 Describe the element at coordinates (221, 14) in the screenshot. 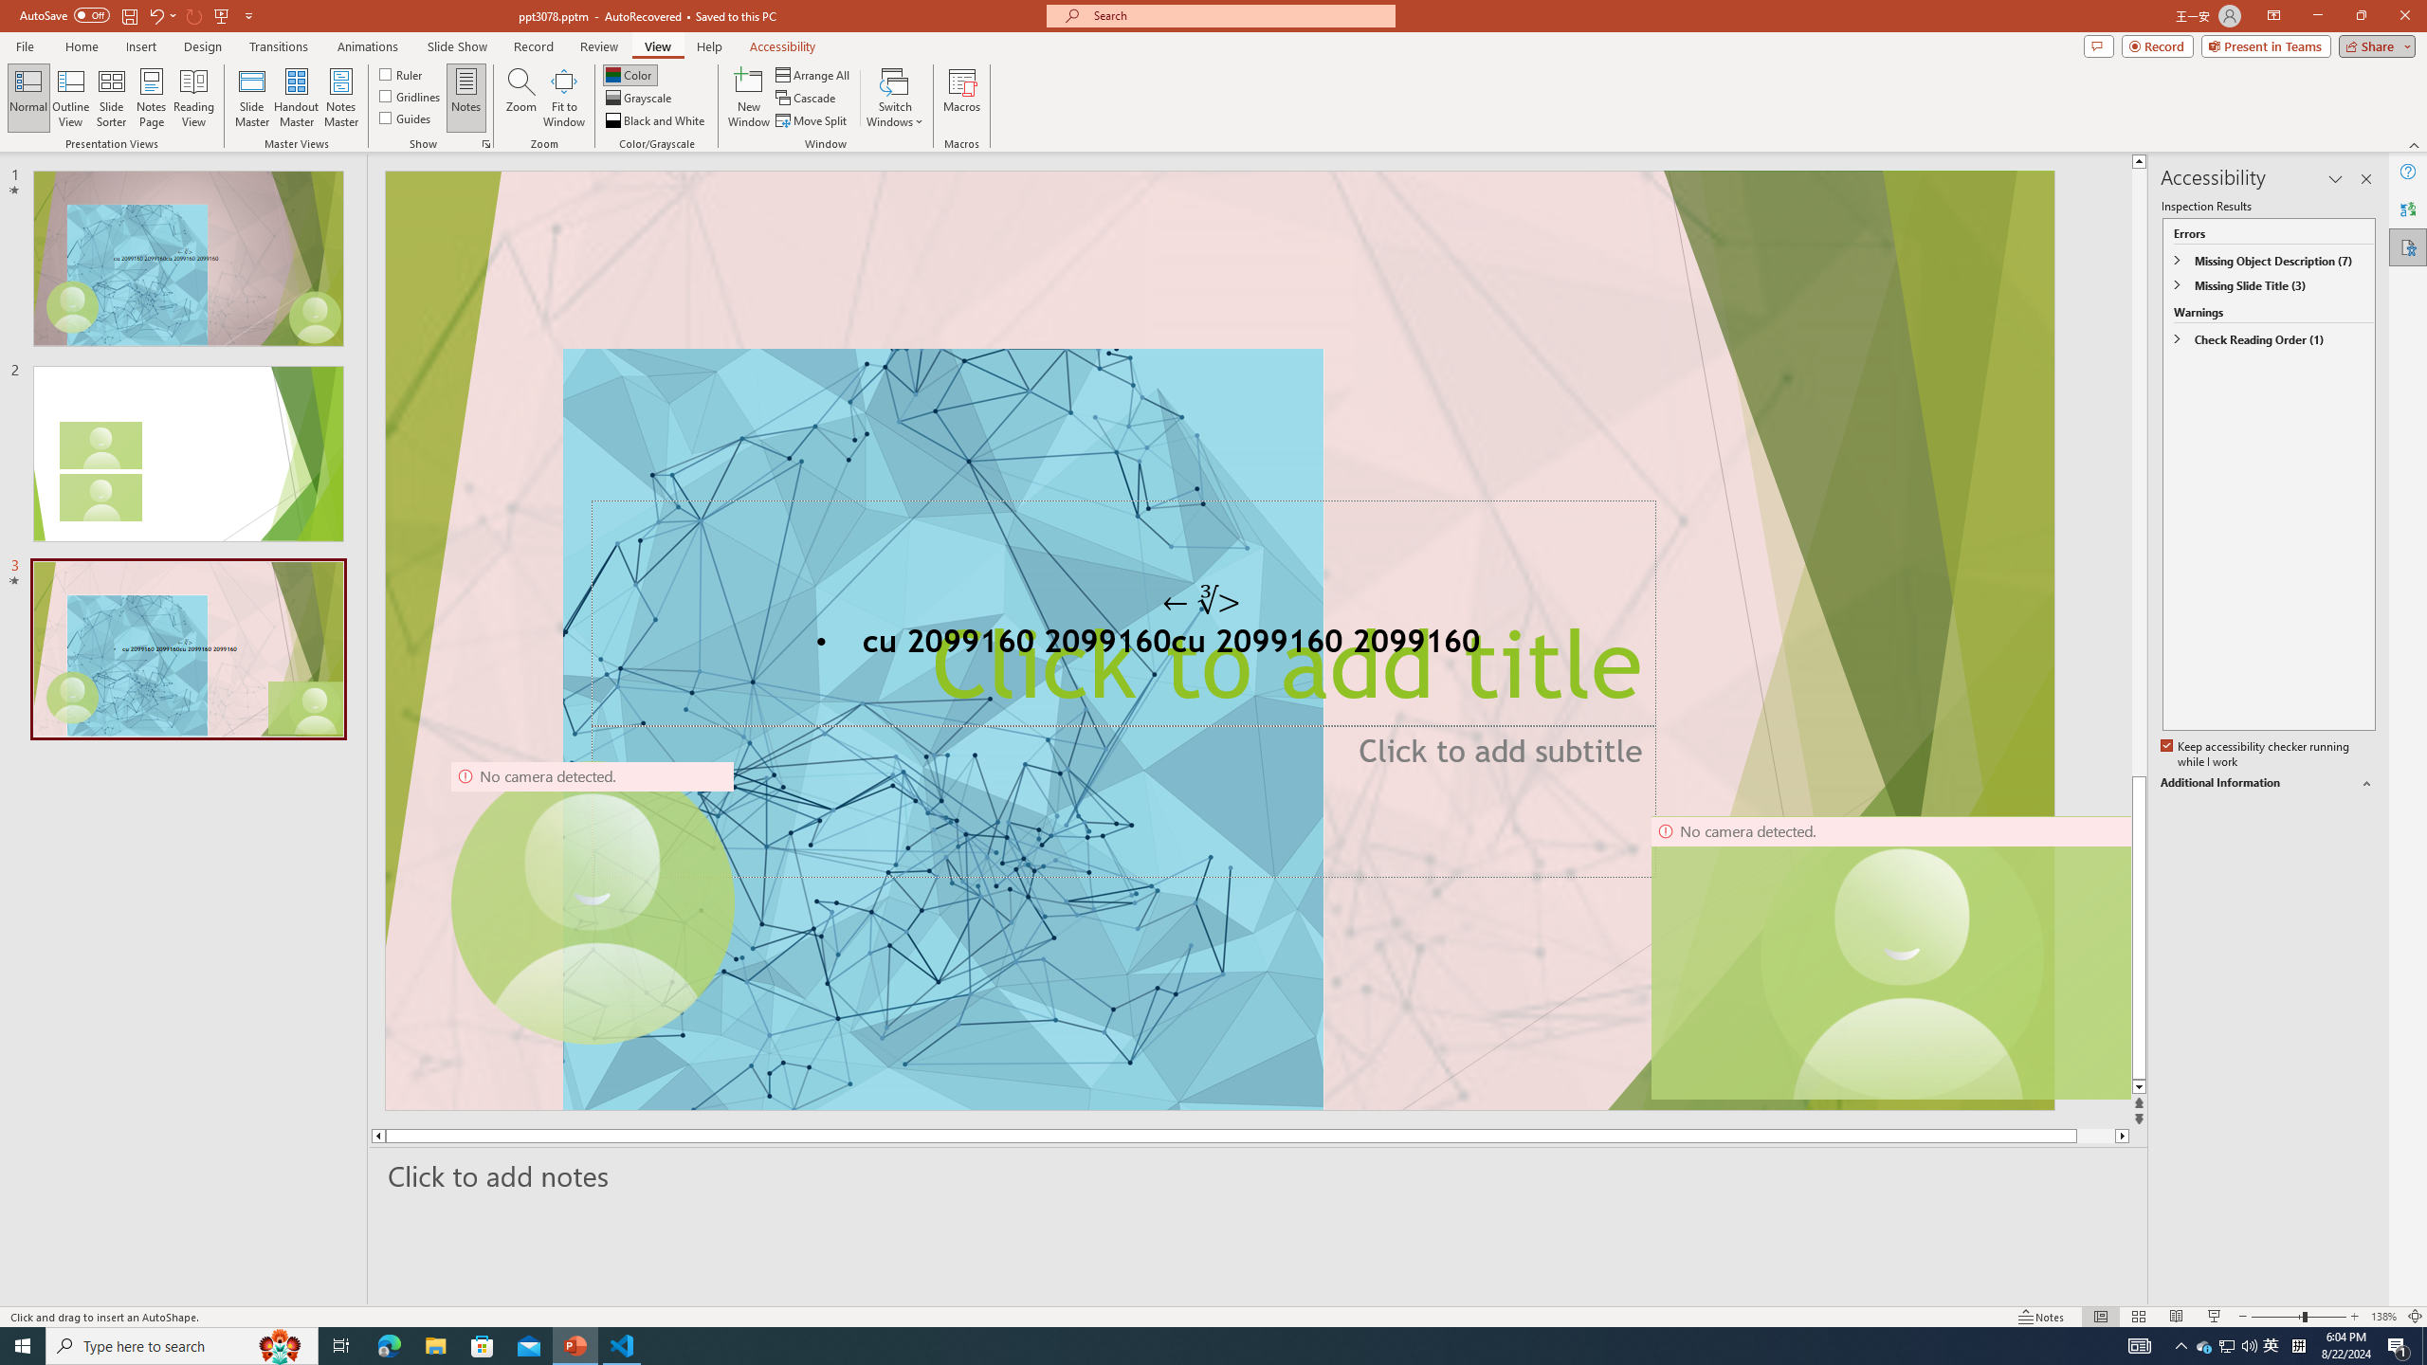

I see `'From Beginning'` at that location.